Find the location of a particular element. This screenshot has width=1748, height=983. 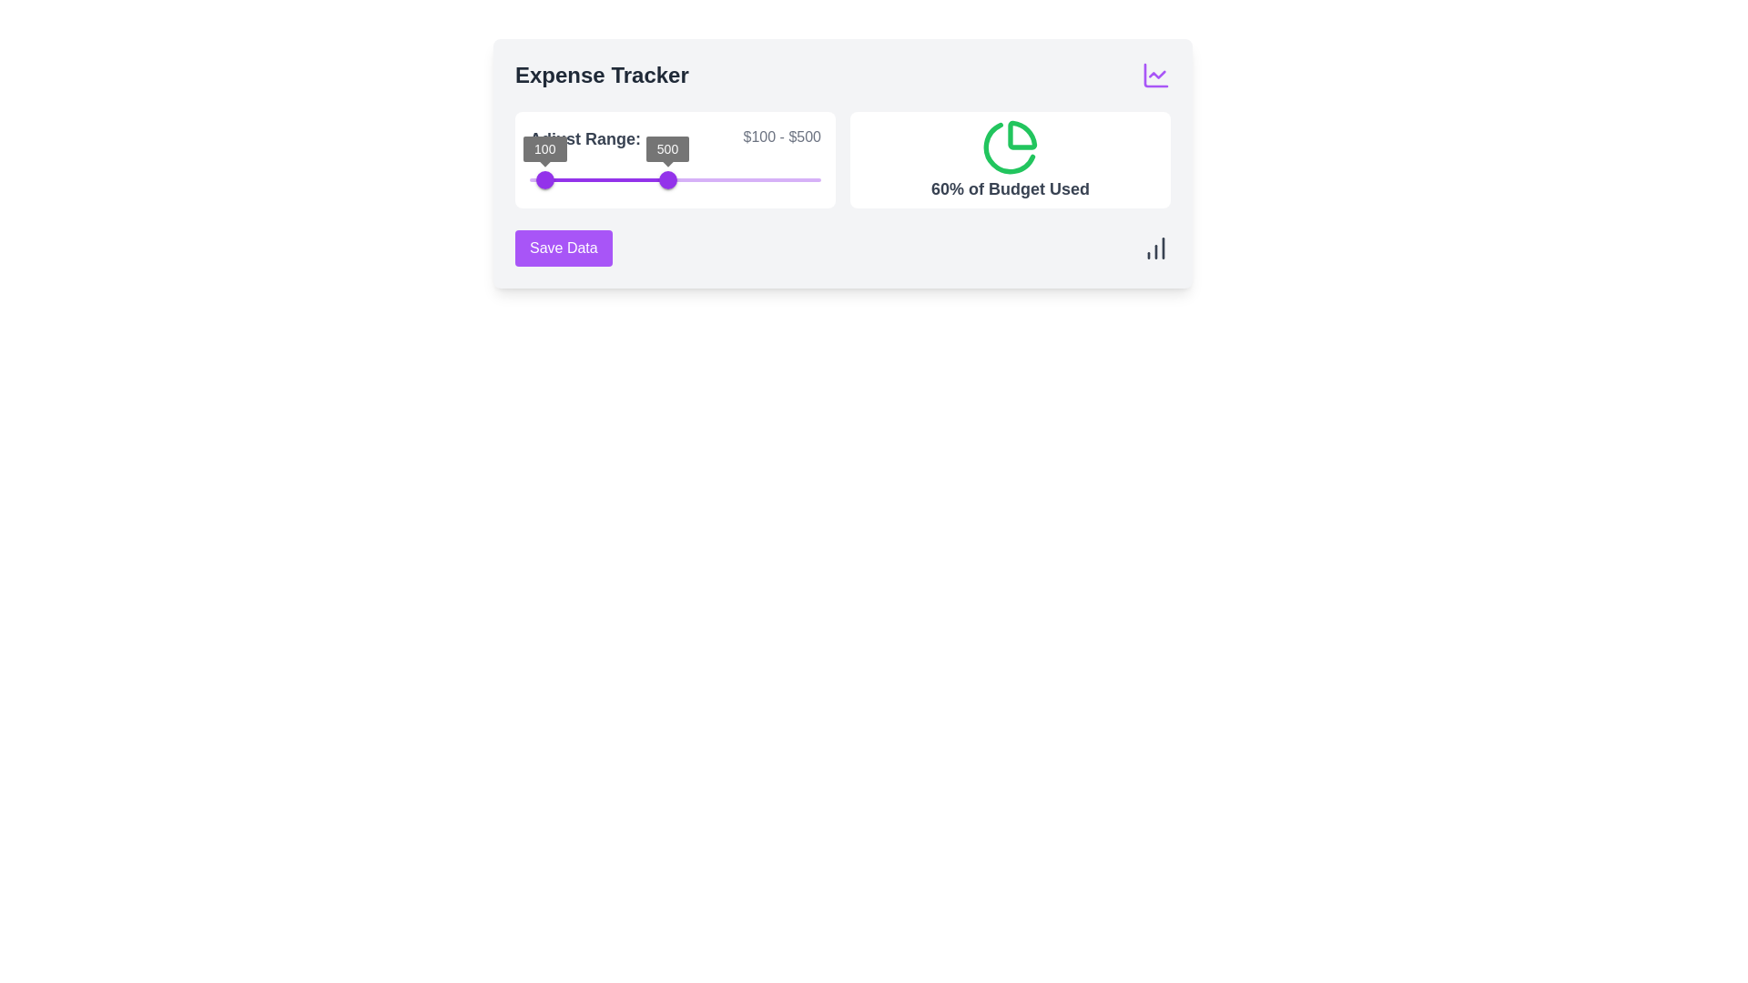

the target slider's value is located at coordinates (581, 182).